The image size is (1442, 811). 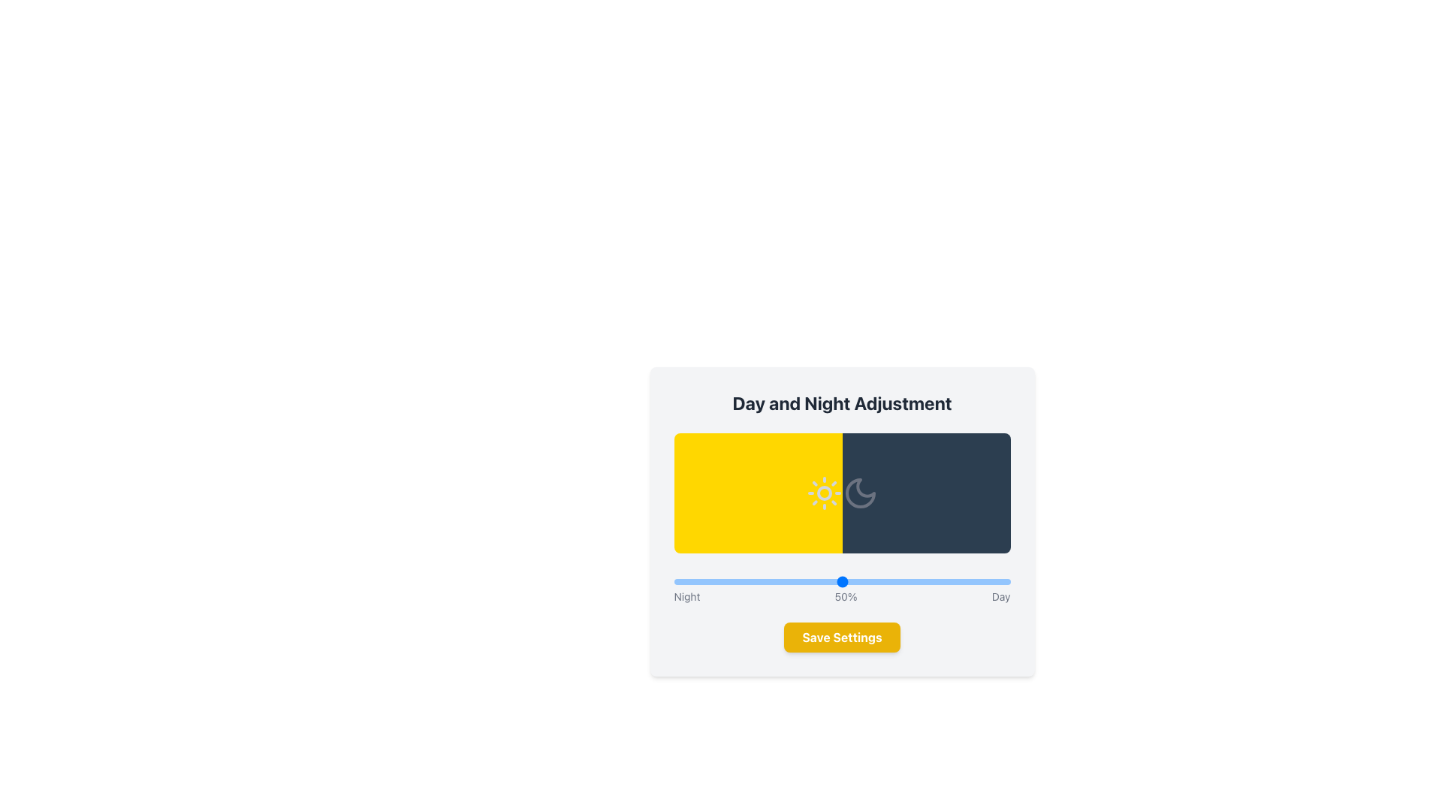 What do you see at coordinates (758, 581) in the screenshot?
I see `the adjustment slider` at bounding box center [758, 581].